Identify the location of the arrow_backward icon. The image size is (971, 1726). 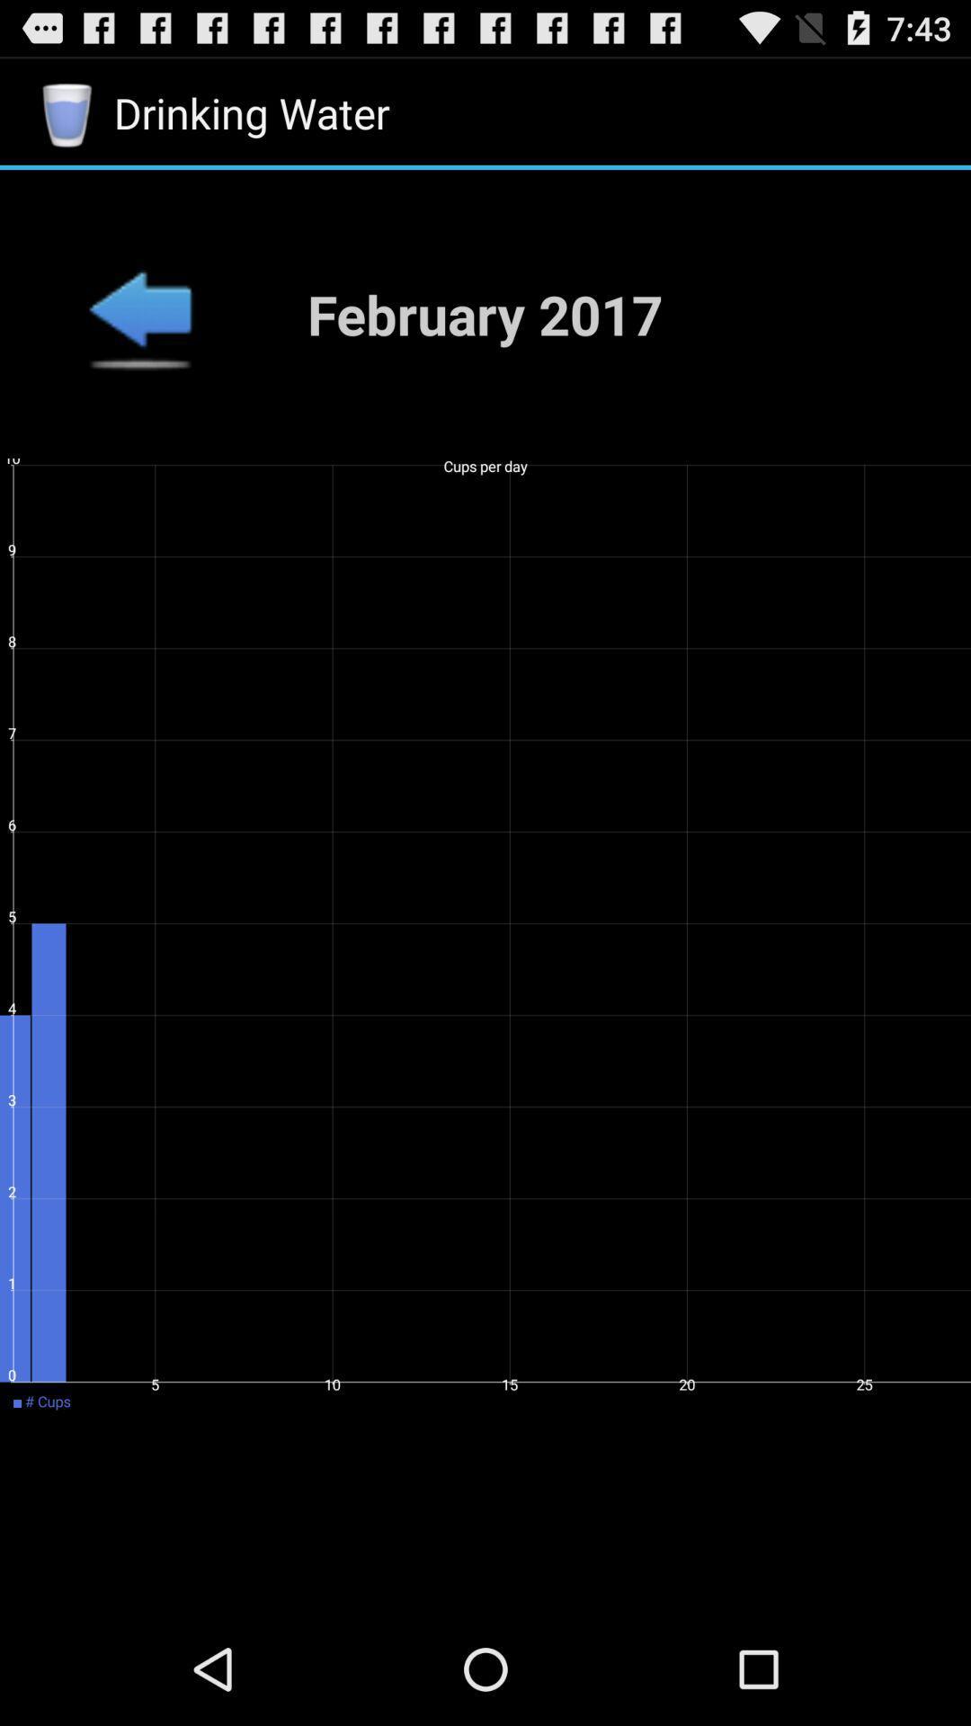
(138, 336).